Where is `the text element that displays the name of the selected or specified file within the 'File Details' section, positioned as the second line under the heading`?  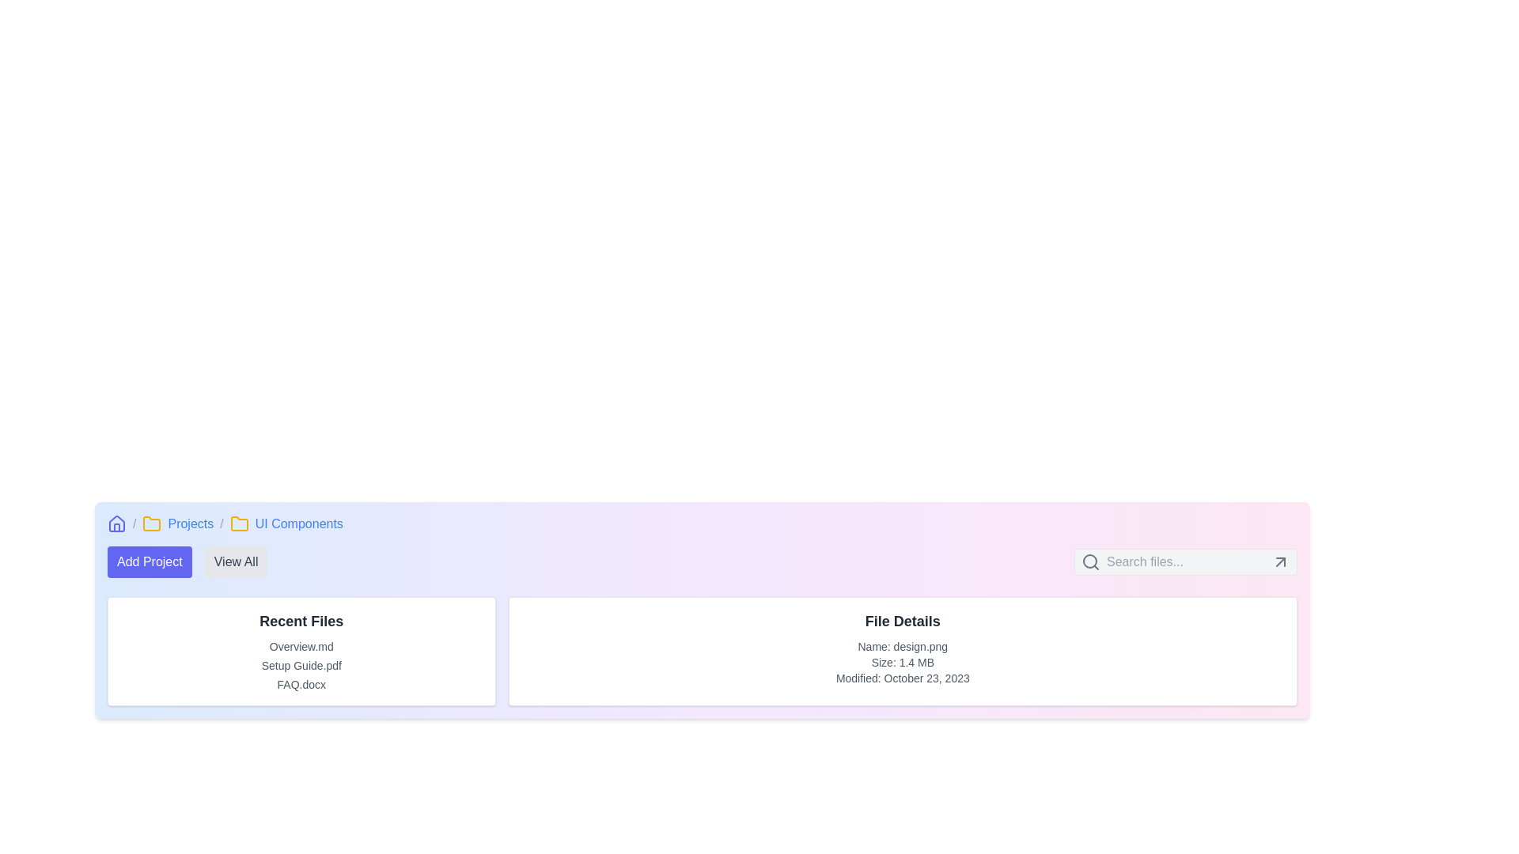 the text element that displays the name of the selected or specified file within the 'File Details' section, positioned as the second line under the heading is located at coordinates (903, 646).